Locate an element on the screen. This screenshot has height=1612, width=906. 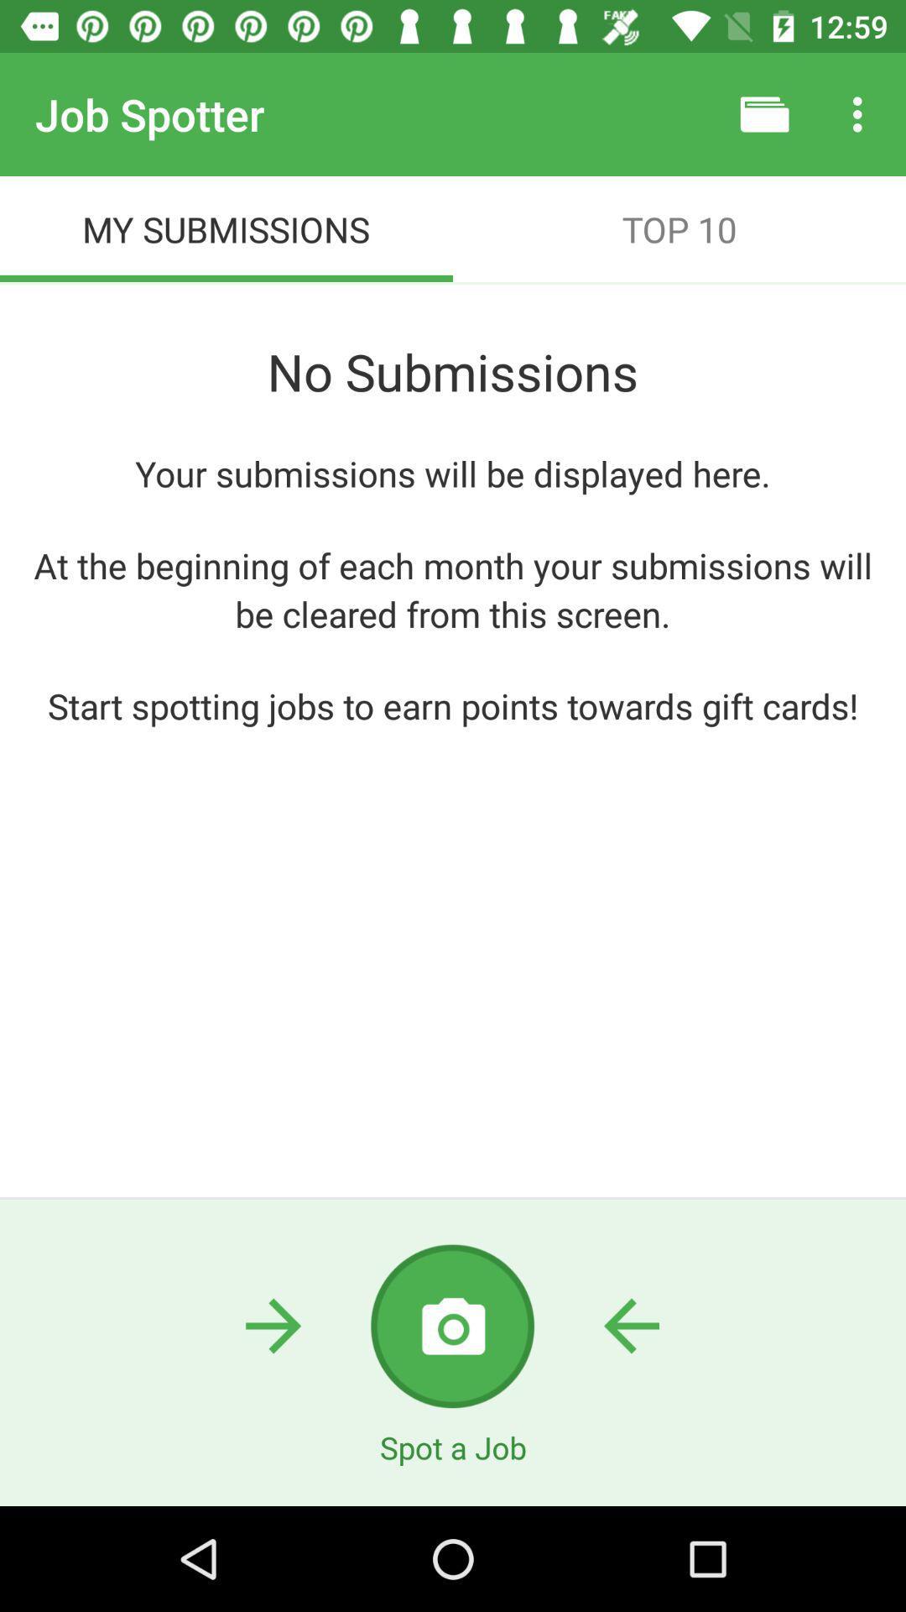
use camera is located at coordinates (451, 1325).